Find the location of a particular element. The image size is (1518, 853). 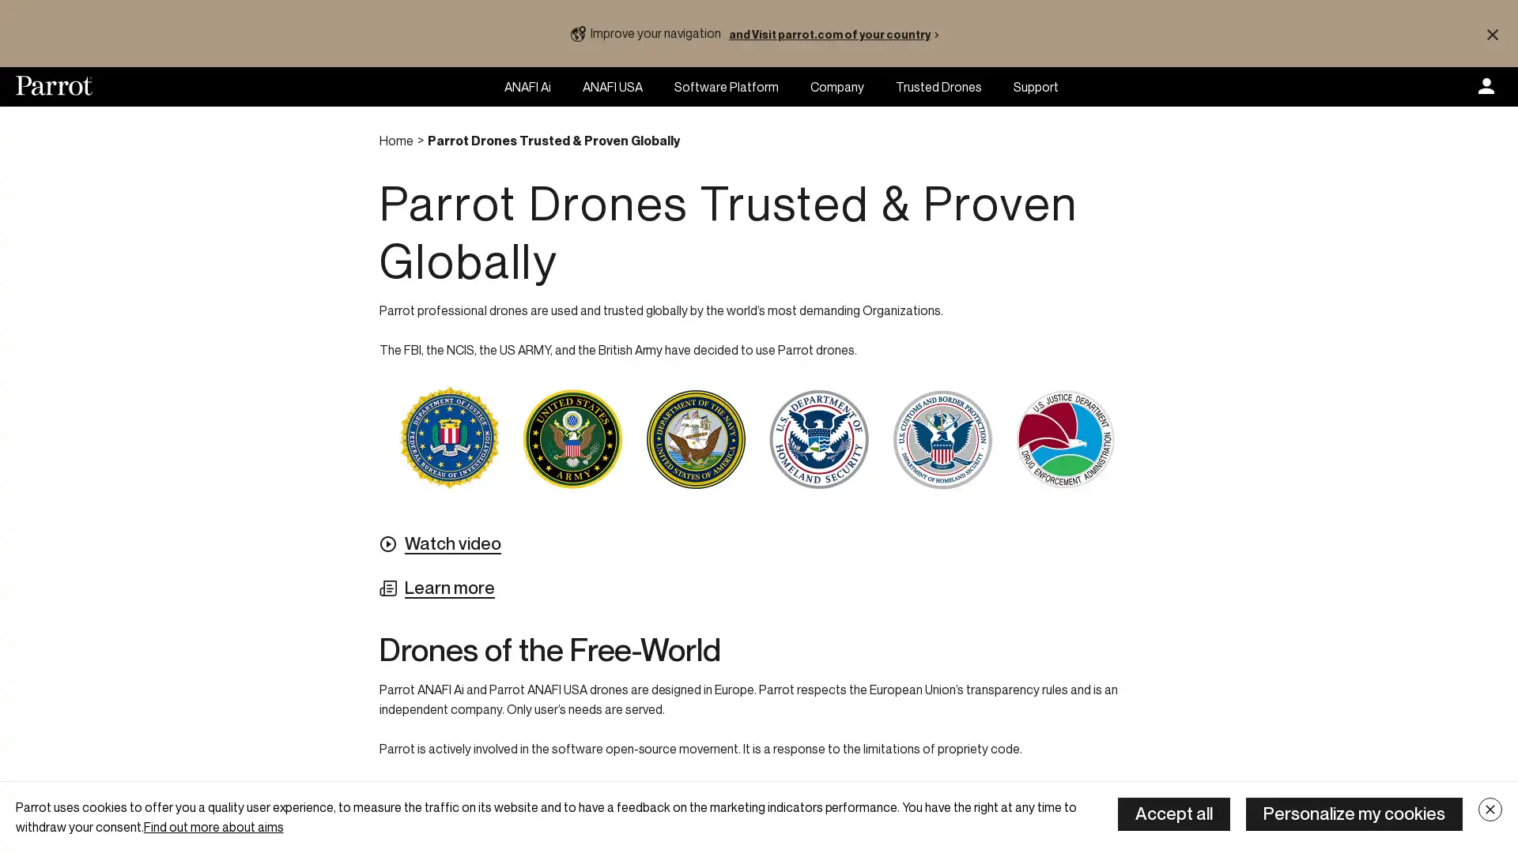

close is located at coordinates (1490, 810).